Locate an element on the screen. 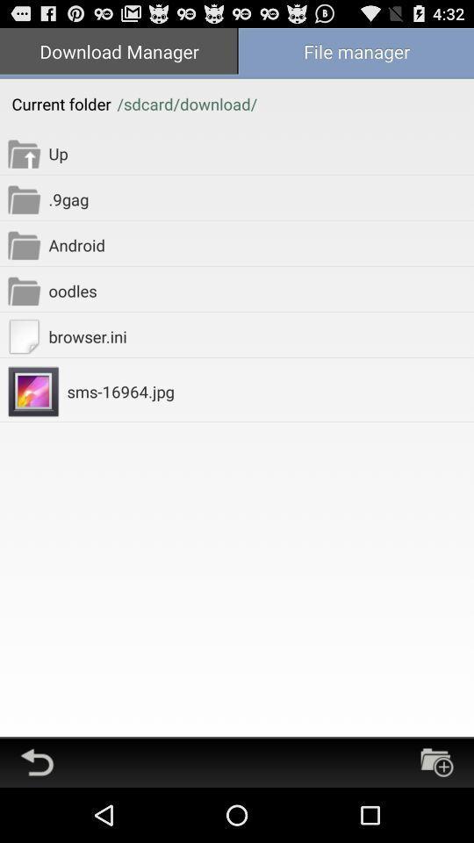 This screenshot has width=474, height=843. .9gag is located at coordinates (260, 198).